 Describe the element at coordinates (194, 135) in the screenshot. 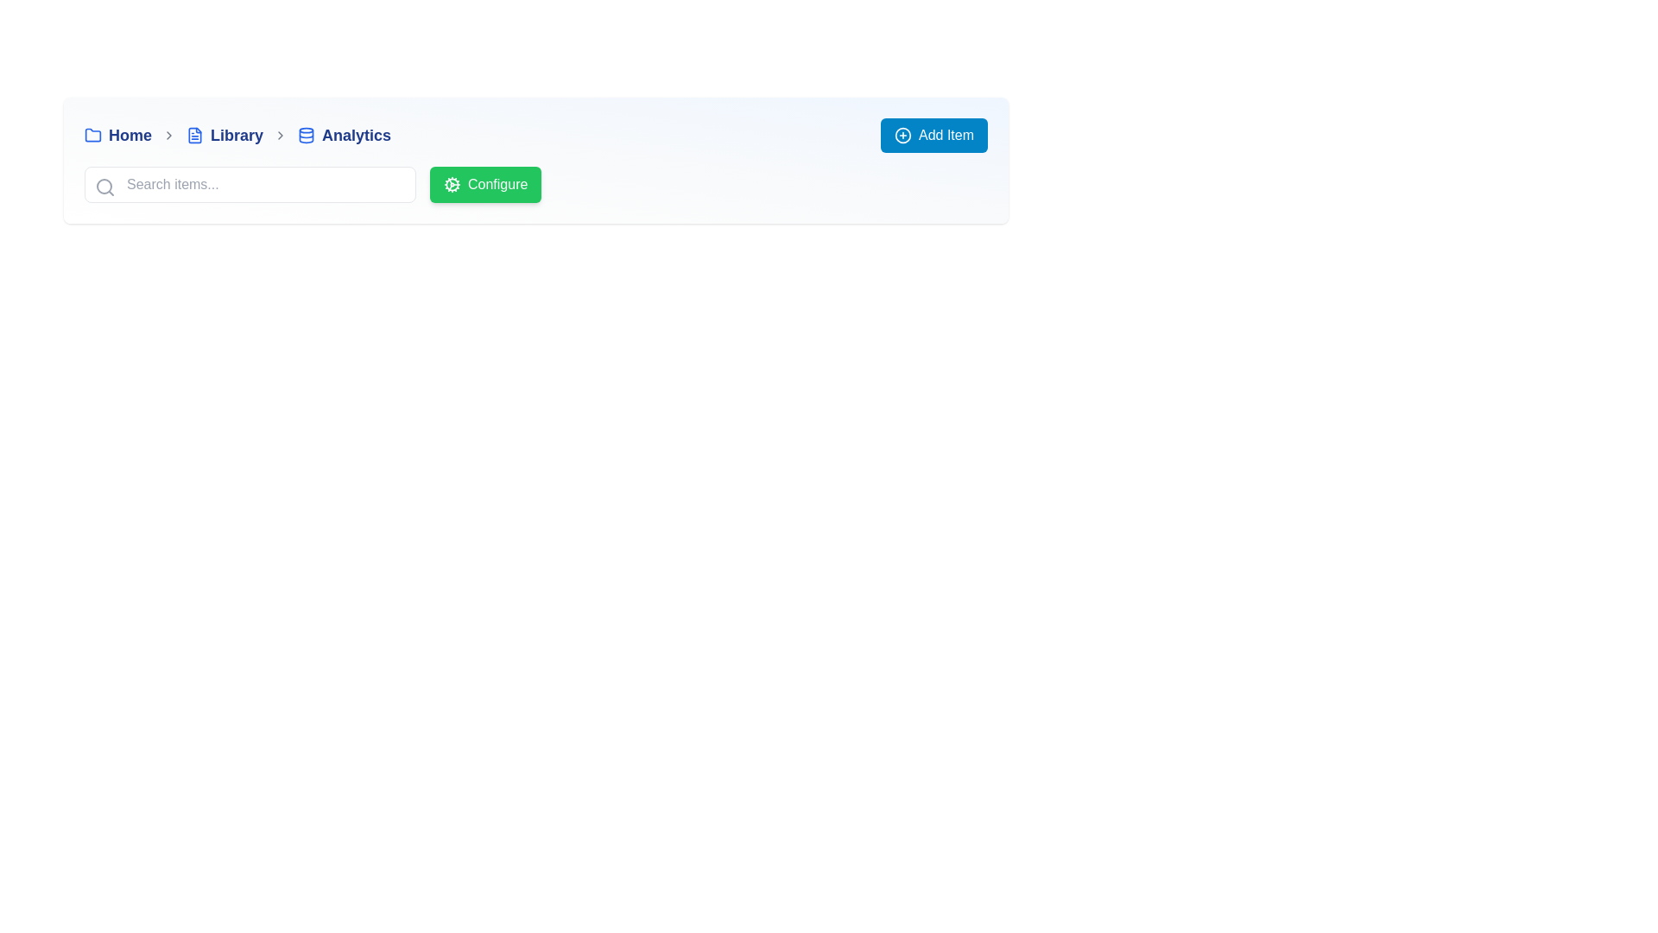

I see `the document or file icon located in the navigation bar, positioned to the right of the folder icon and 'Home' text, and to the left of 'Library' text` at that location.